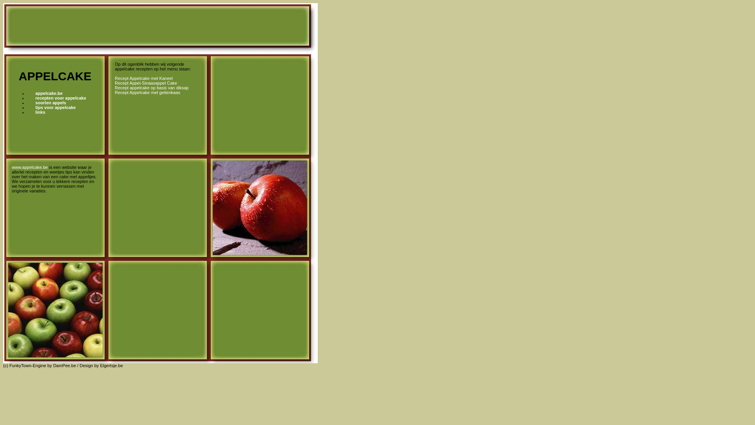  What do you see at coordinates (114, 92) in the screenshot?
I see `'Recept Appelcake met geitenkaas'` at bounding box center [114, 92].